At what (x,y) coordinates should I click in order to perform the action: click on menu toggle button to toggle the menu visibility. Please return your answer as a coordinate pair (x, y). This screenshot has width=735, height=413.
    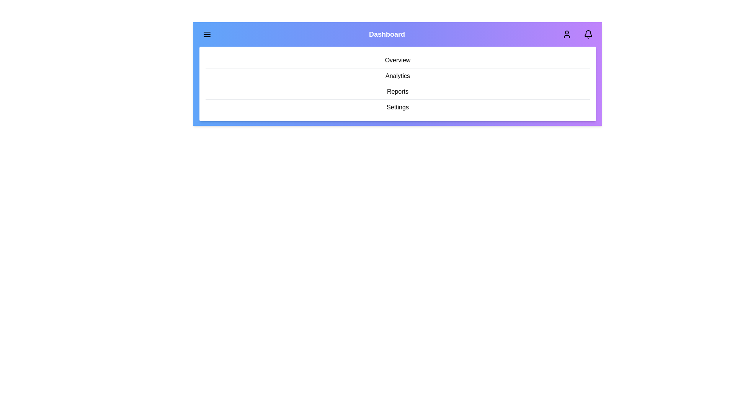
    Looking at the image, I should click on (207, 34).